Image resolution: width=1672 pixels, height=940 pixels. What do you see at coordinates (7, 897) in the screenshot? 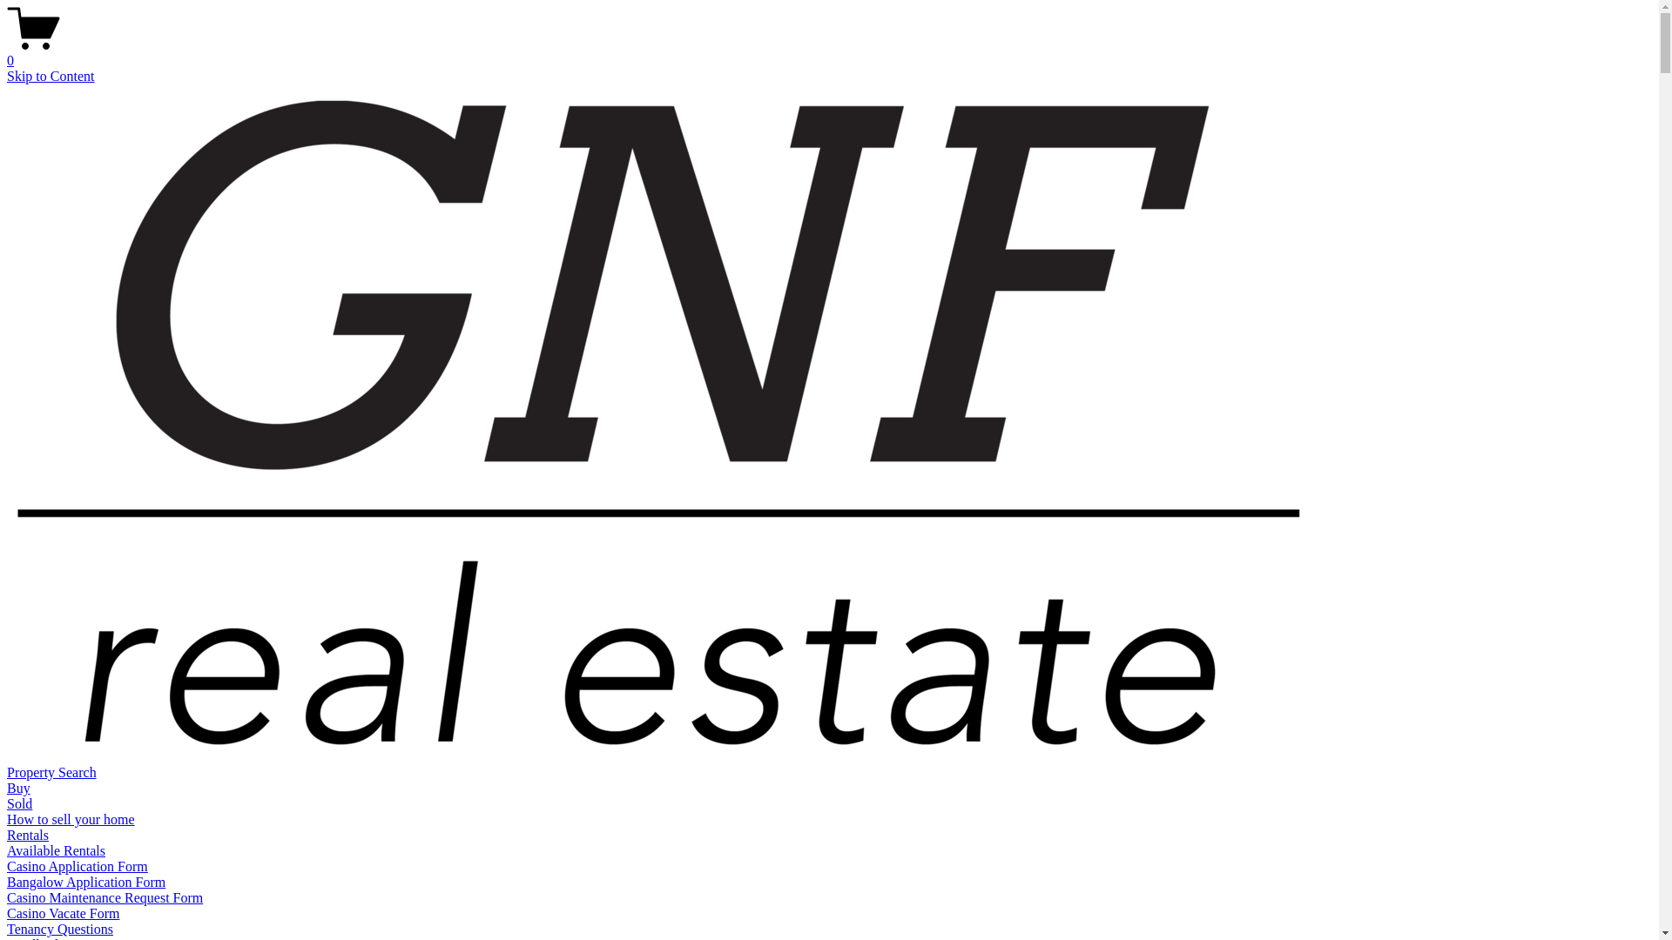
I see `'Casino Maintenance Request Form'` at bounding box center [7, 897].